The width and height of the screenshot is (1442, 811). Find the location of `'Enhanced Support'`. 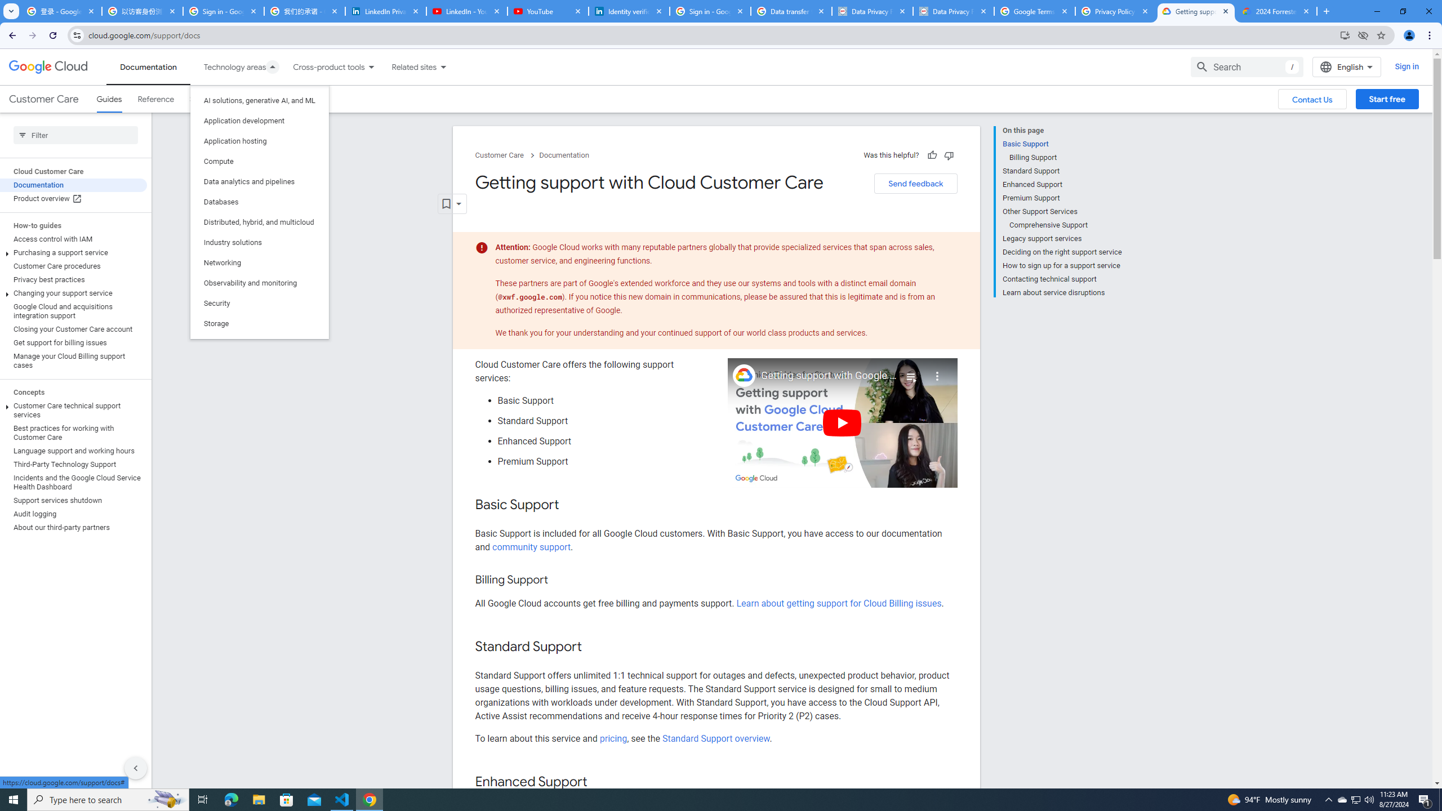

'Enhanced Support' is located at coordinates (1061, 184).